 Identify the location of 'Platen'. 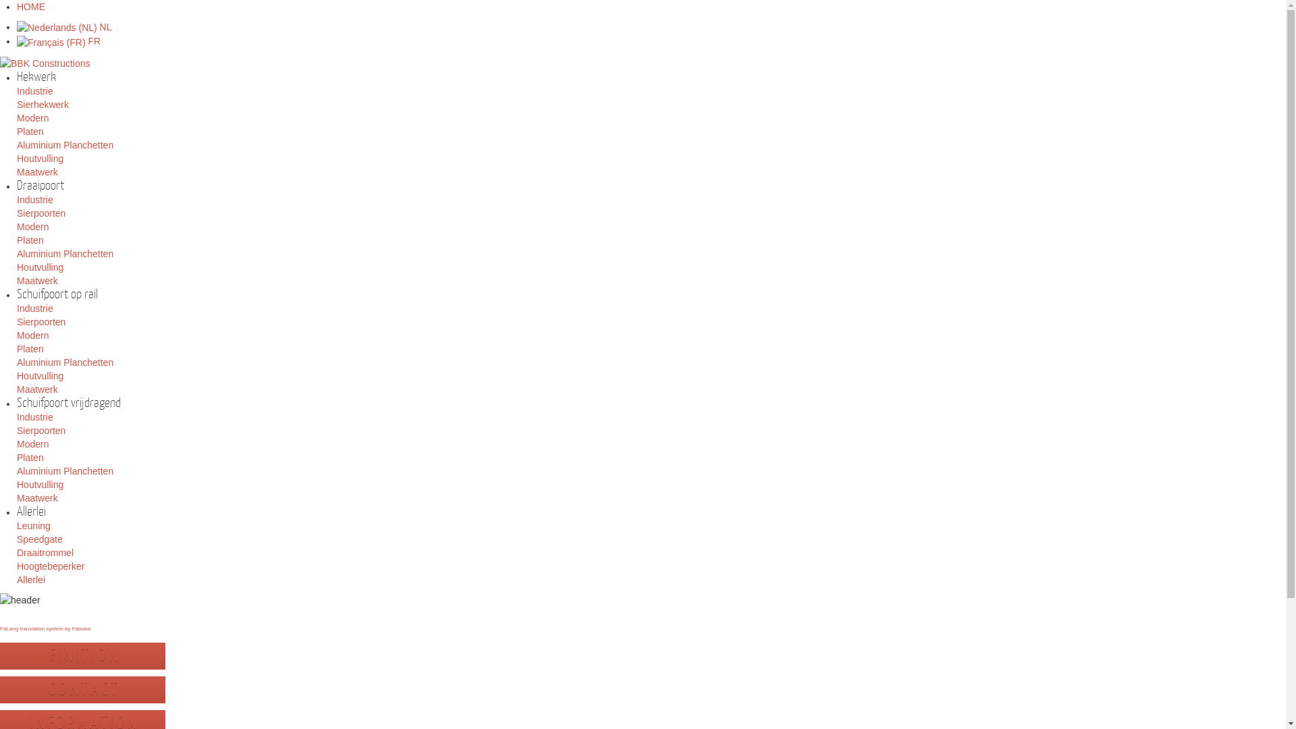
(30, 132).